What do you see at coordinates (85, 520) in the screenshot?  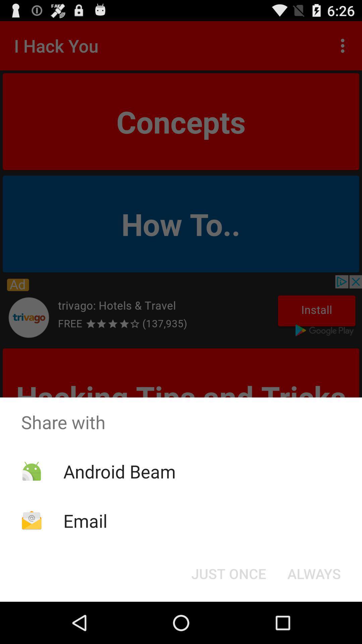 I see `icon below the android beam app` at bounding box center [85, 520].